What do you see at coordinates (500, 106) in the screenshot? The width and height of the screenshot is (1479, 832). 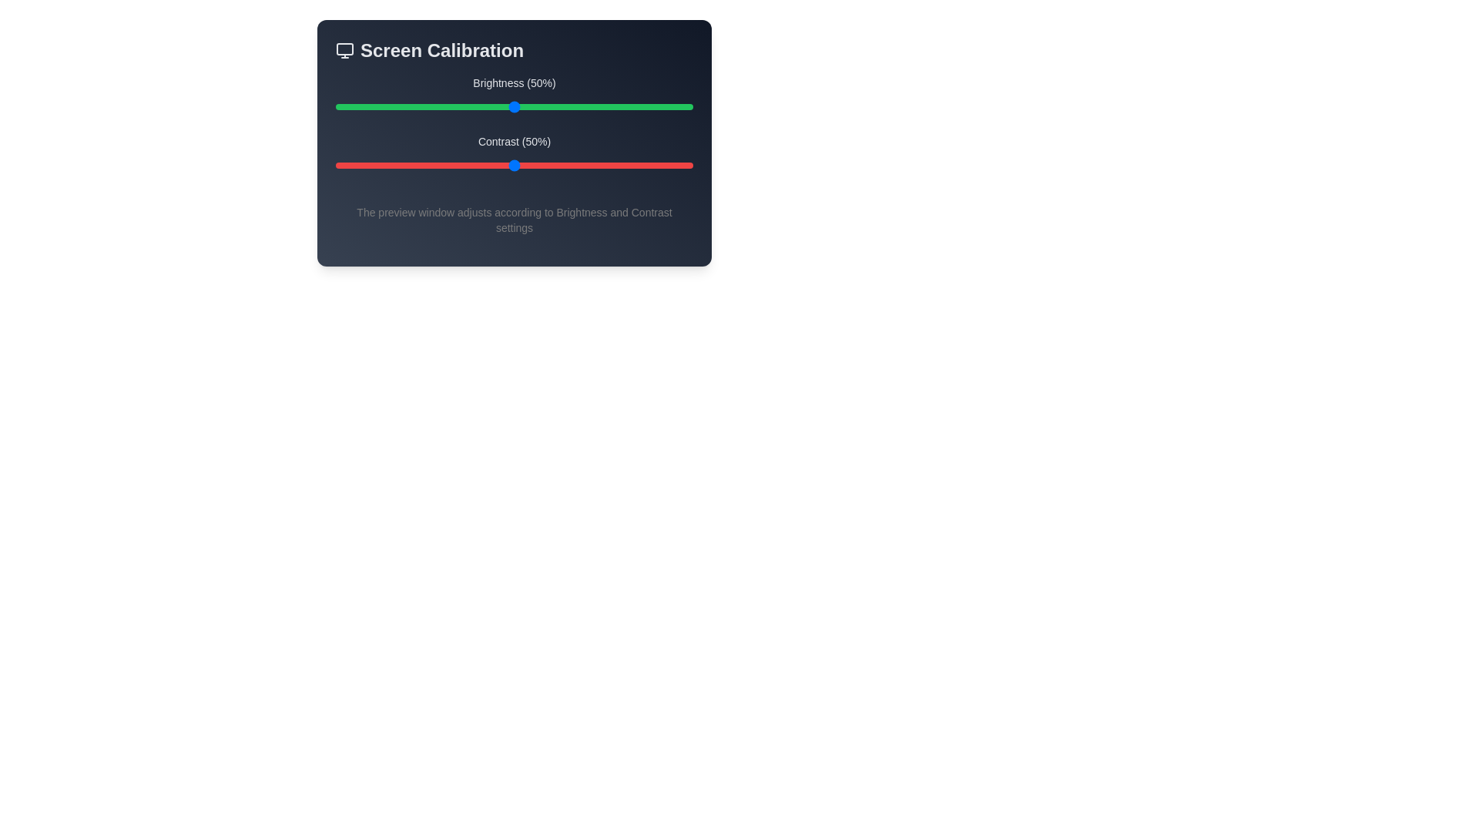 I see `the brightness slider to set the brightness level to 46%` at bounding box center [500, 106].